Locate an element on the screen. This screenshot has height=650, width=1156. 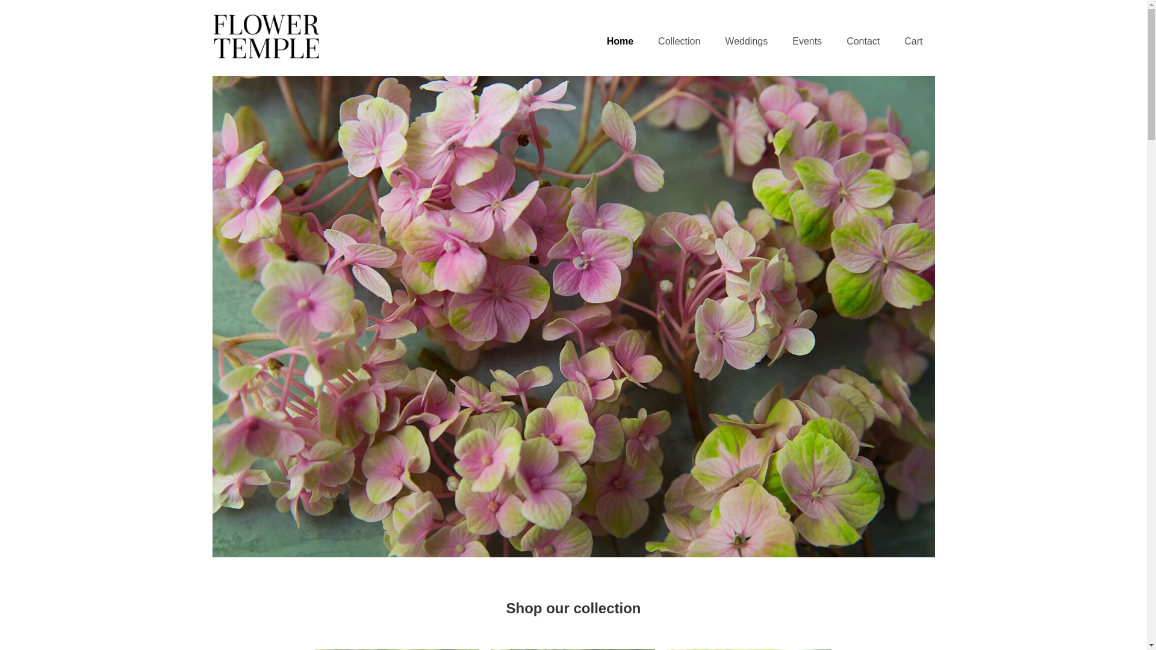
'Events' is located at coordinates (807, 42).